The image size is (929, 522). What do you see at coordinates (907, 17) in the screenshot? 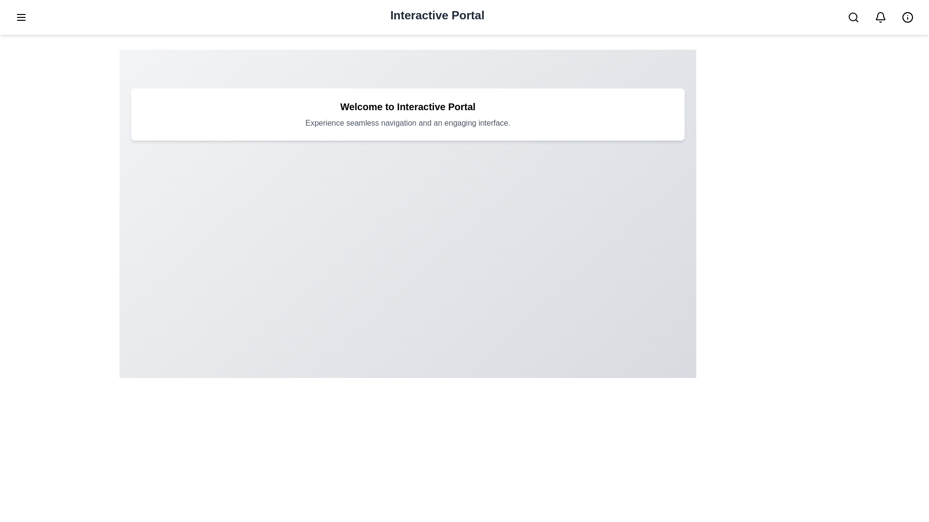
I see `the Info button in the navigation bar` at bounding box center [907, 17].